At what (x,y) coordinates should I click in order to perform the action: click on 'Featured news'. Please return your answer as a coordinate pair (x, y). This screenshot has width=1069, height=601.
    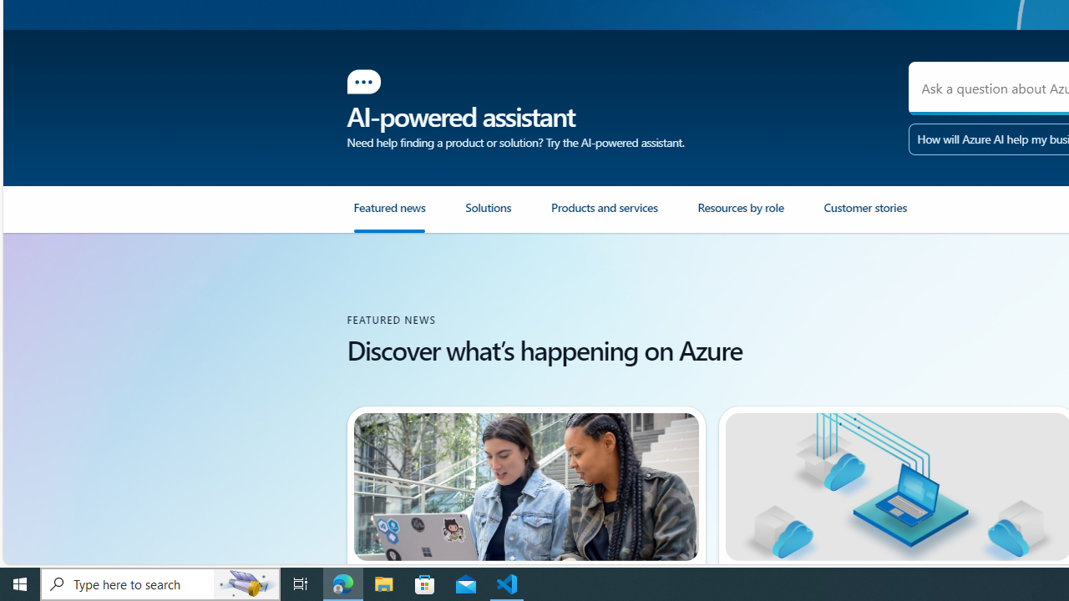
    Looking at the image, I should click on (388, 214).